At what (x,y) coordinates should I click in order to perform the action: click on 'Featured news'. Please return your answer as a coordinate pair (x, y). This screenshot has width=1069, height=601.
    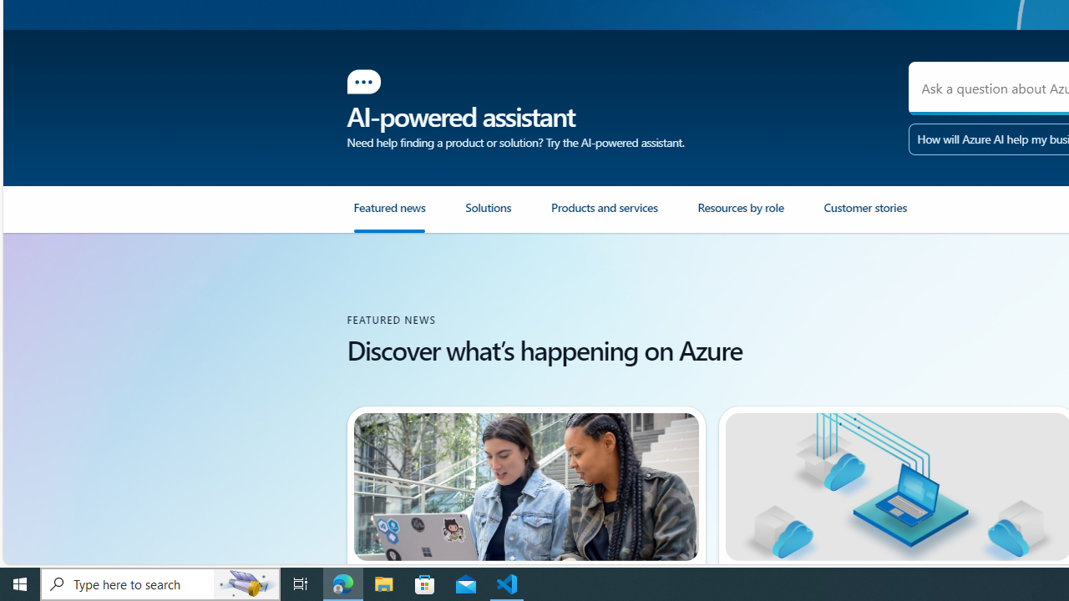
    Looking at the image, I should click on (388, 214).